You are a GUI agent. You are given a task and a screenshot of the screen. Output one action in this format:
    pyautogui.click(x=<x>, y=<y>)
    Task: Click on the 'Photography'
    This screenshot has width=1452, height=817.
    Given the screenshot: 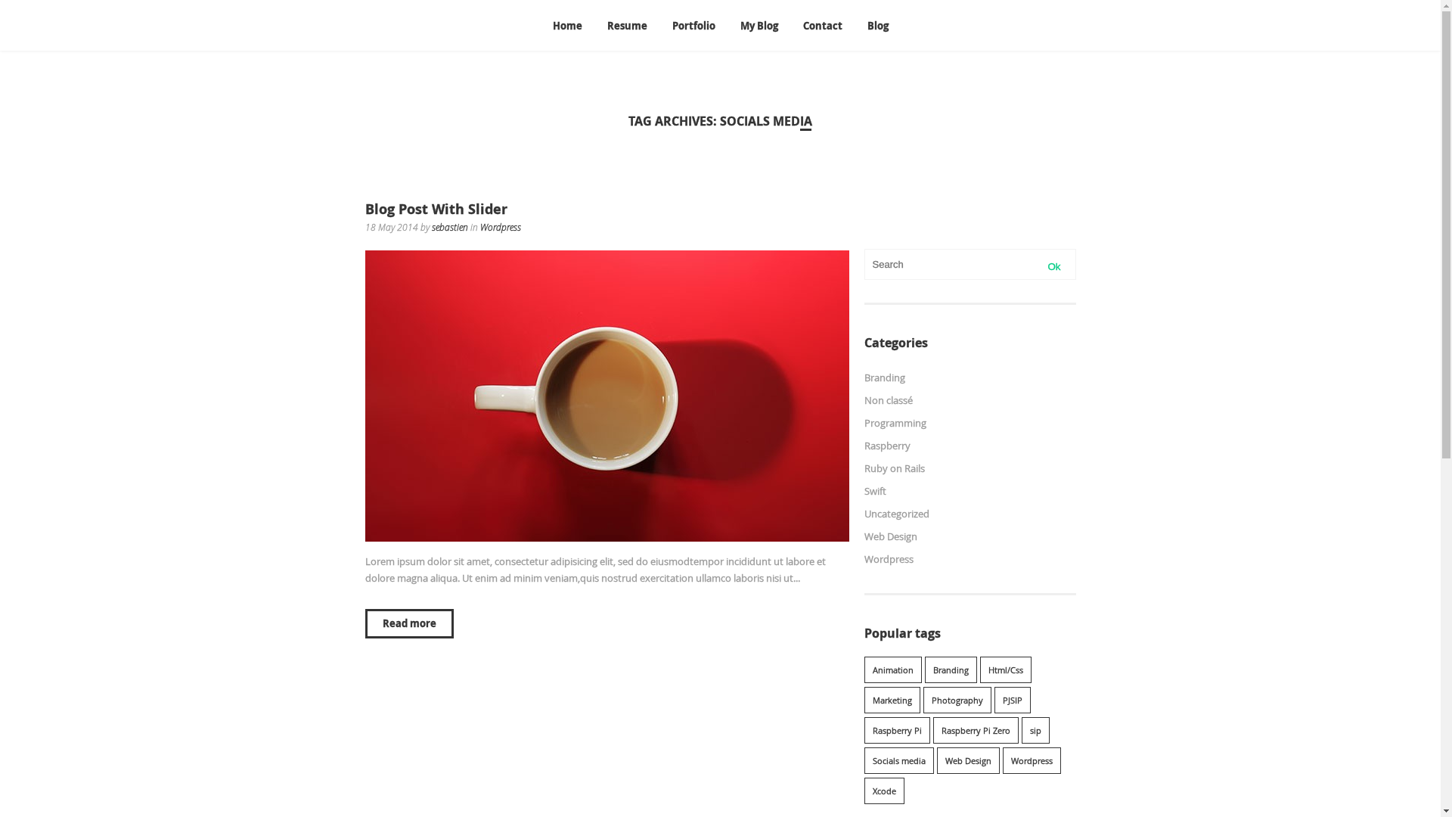 What is the action you would take?
    pyautogui.click(x=956, y=700)
    